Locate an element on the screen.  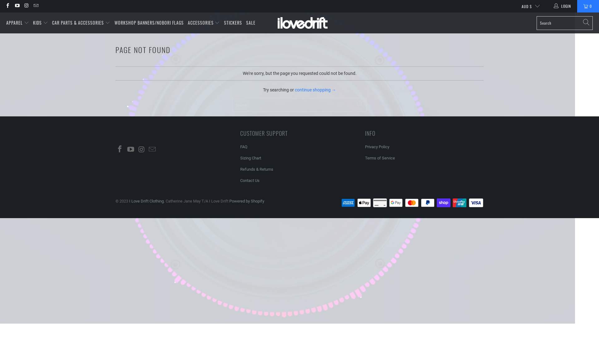
'Email I Love Drift Clothing' is located at coordinates (35, 6).